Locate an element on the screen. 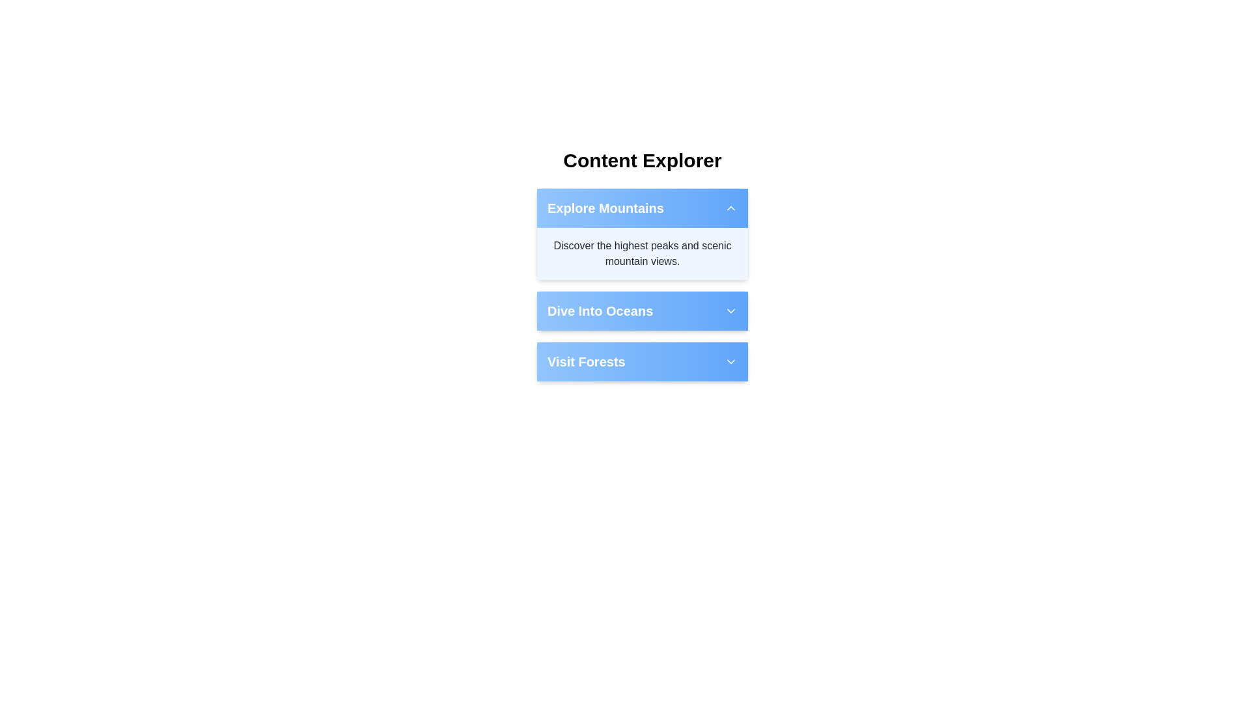 Image resolution: width=1250 pixels, height=703 pixels. the downward-pointing chevron icon next to the 'Visit Forests' dropdown header is located at coordinates (731, 361).